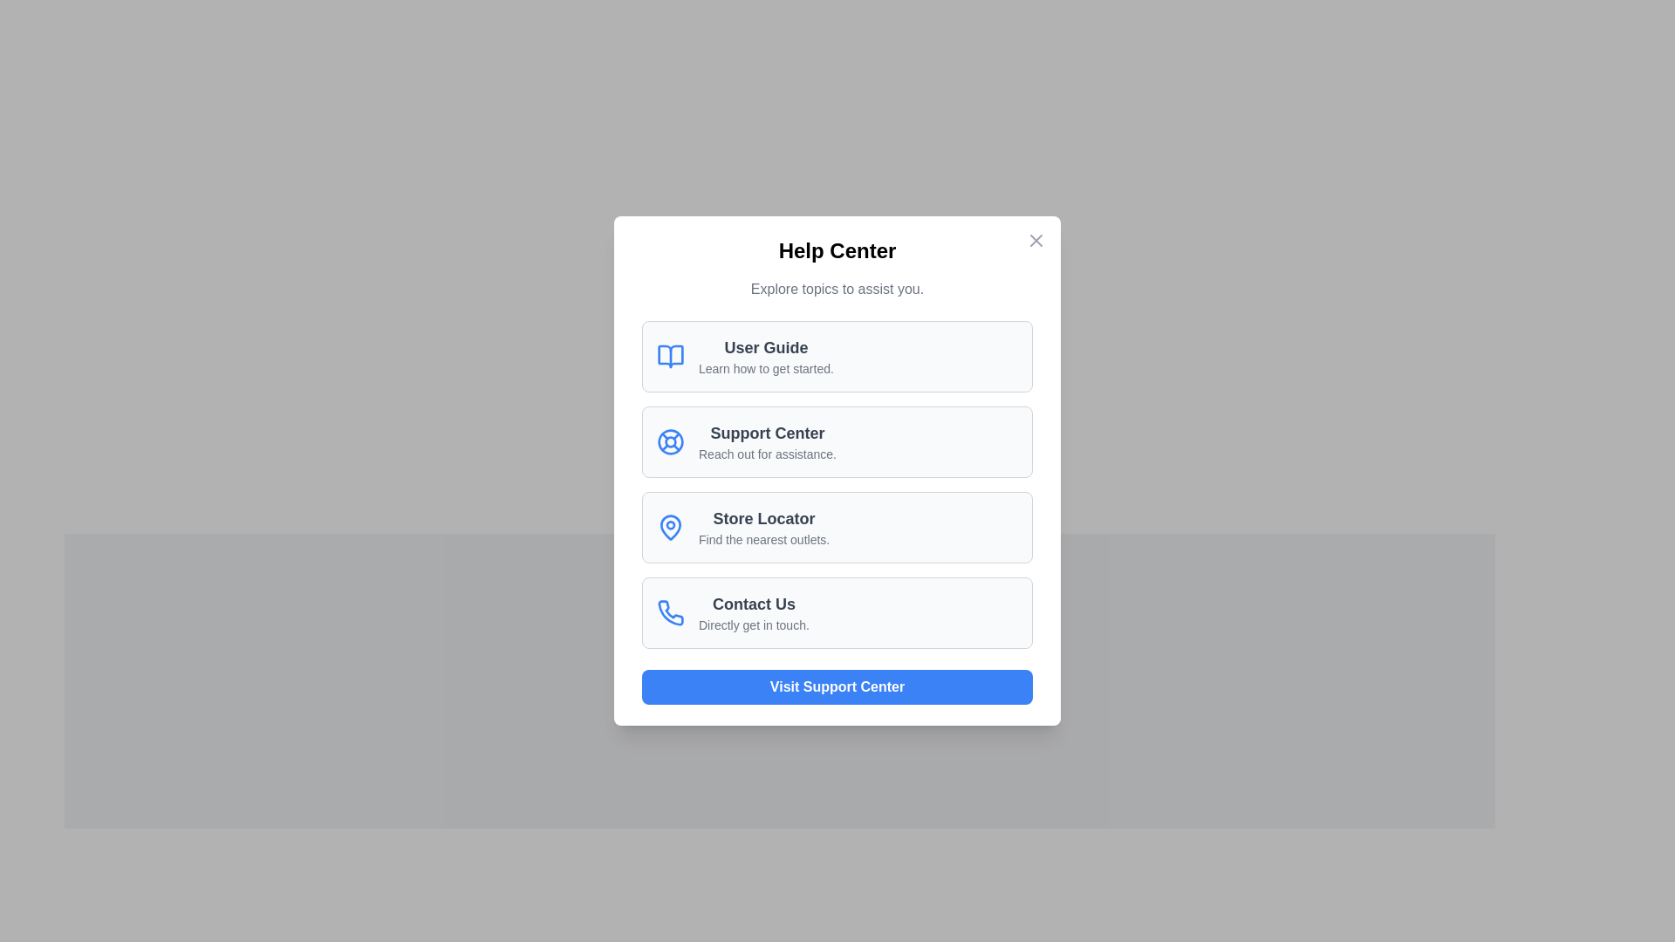  Describe the element at coordinates (669, 440) in the screenshot. I see `the help icon located in the 'Support Center' section, to the left of the text 'Support Center' and 'Reach out for assistance.'` at that location.